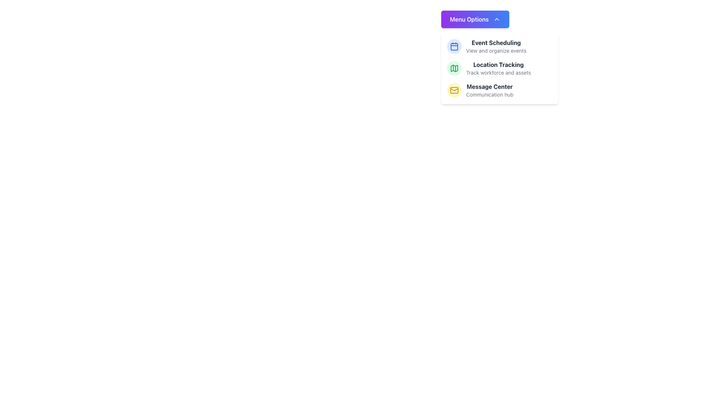 The width and height of the screenshot is (703, 395). What do you see at coordinates (454, 46) in the screenshot?
I see `the non-interactive icon representing the 'Event Scheduling' menu option, which is the first icon in the vertical menu on the right-hand side of the interface` at bounding box center [454, 46].